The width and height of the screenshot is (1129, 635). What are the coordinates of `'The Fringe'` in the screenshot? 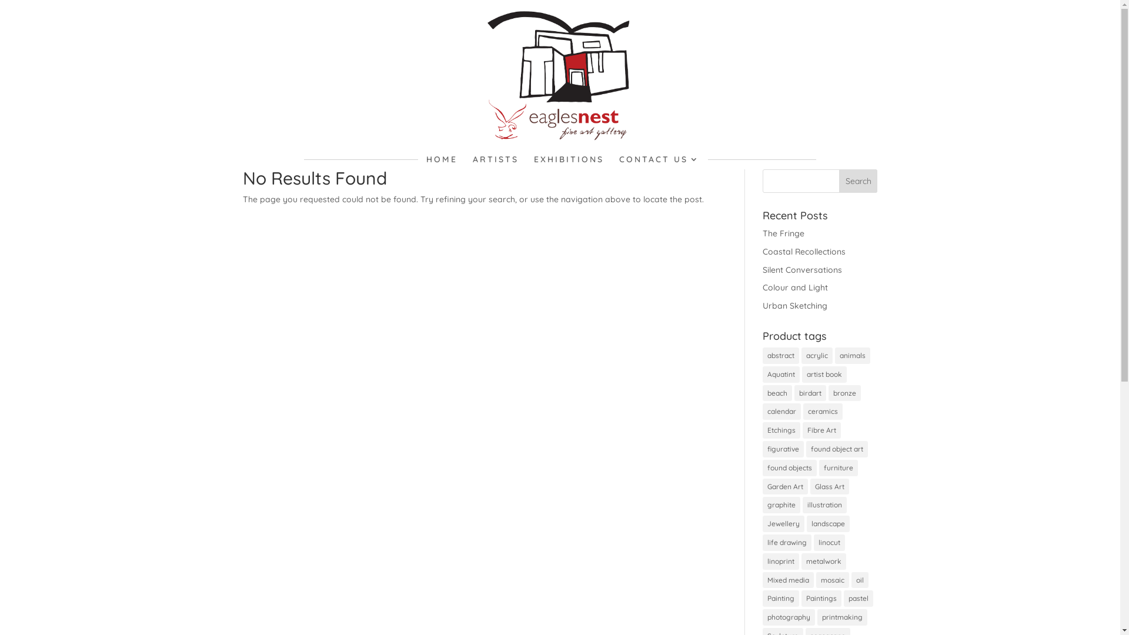 It's located at (783, 233).